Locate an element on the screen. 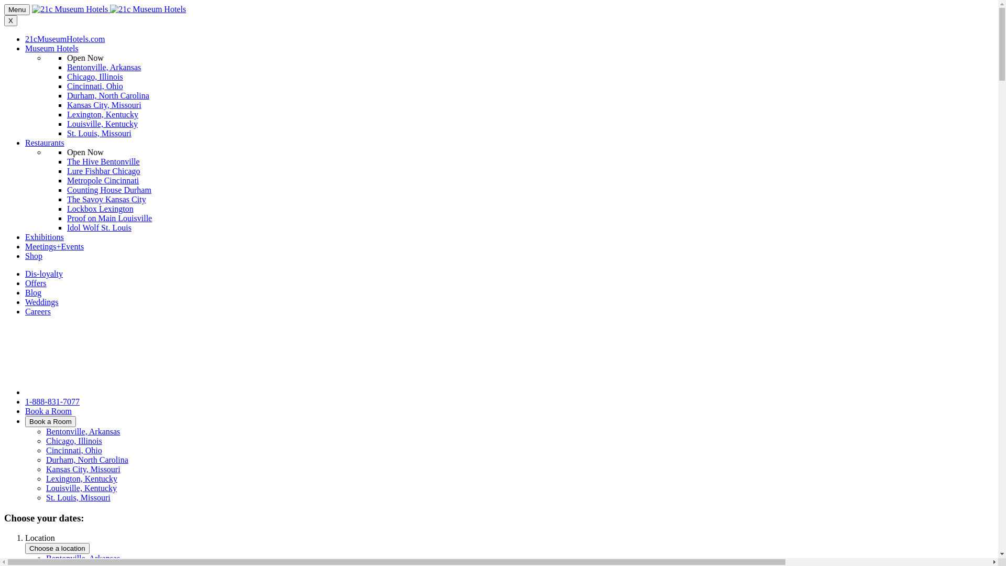  'Lexington, Kentucky' is located at coordinates (103, 114).